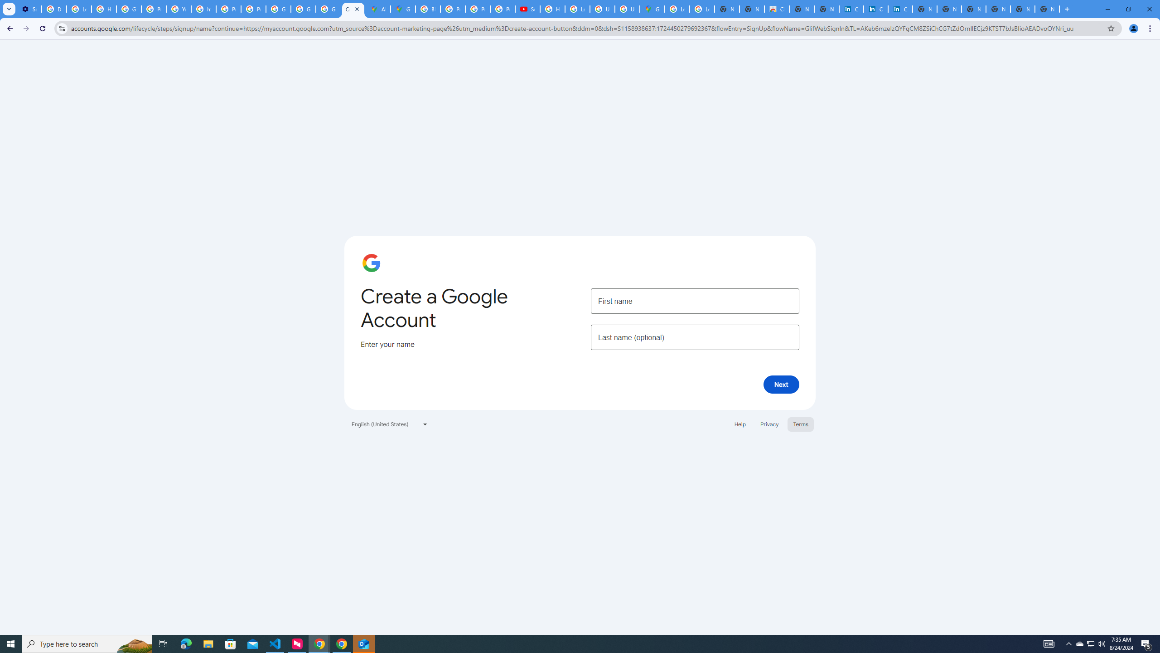  I want to click on 'First name', so click(694, 300).